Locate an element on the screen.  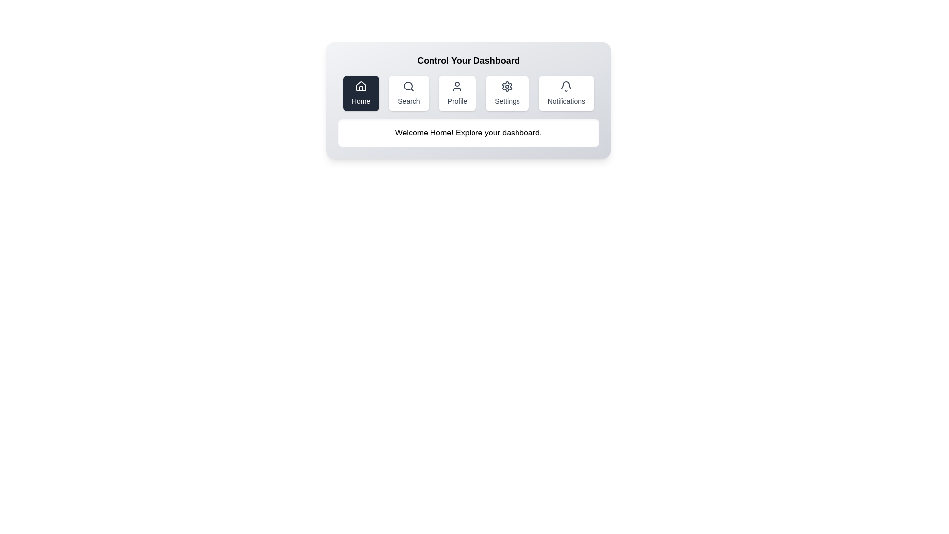
the 'Home' button, which is a rectangular button with a house icon and white text on a dark background, located at the top-left corner of the navigation menu bar is located at coordinates (360, 93).